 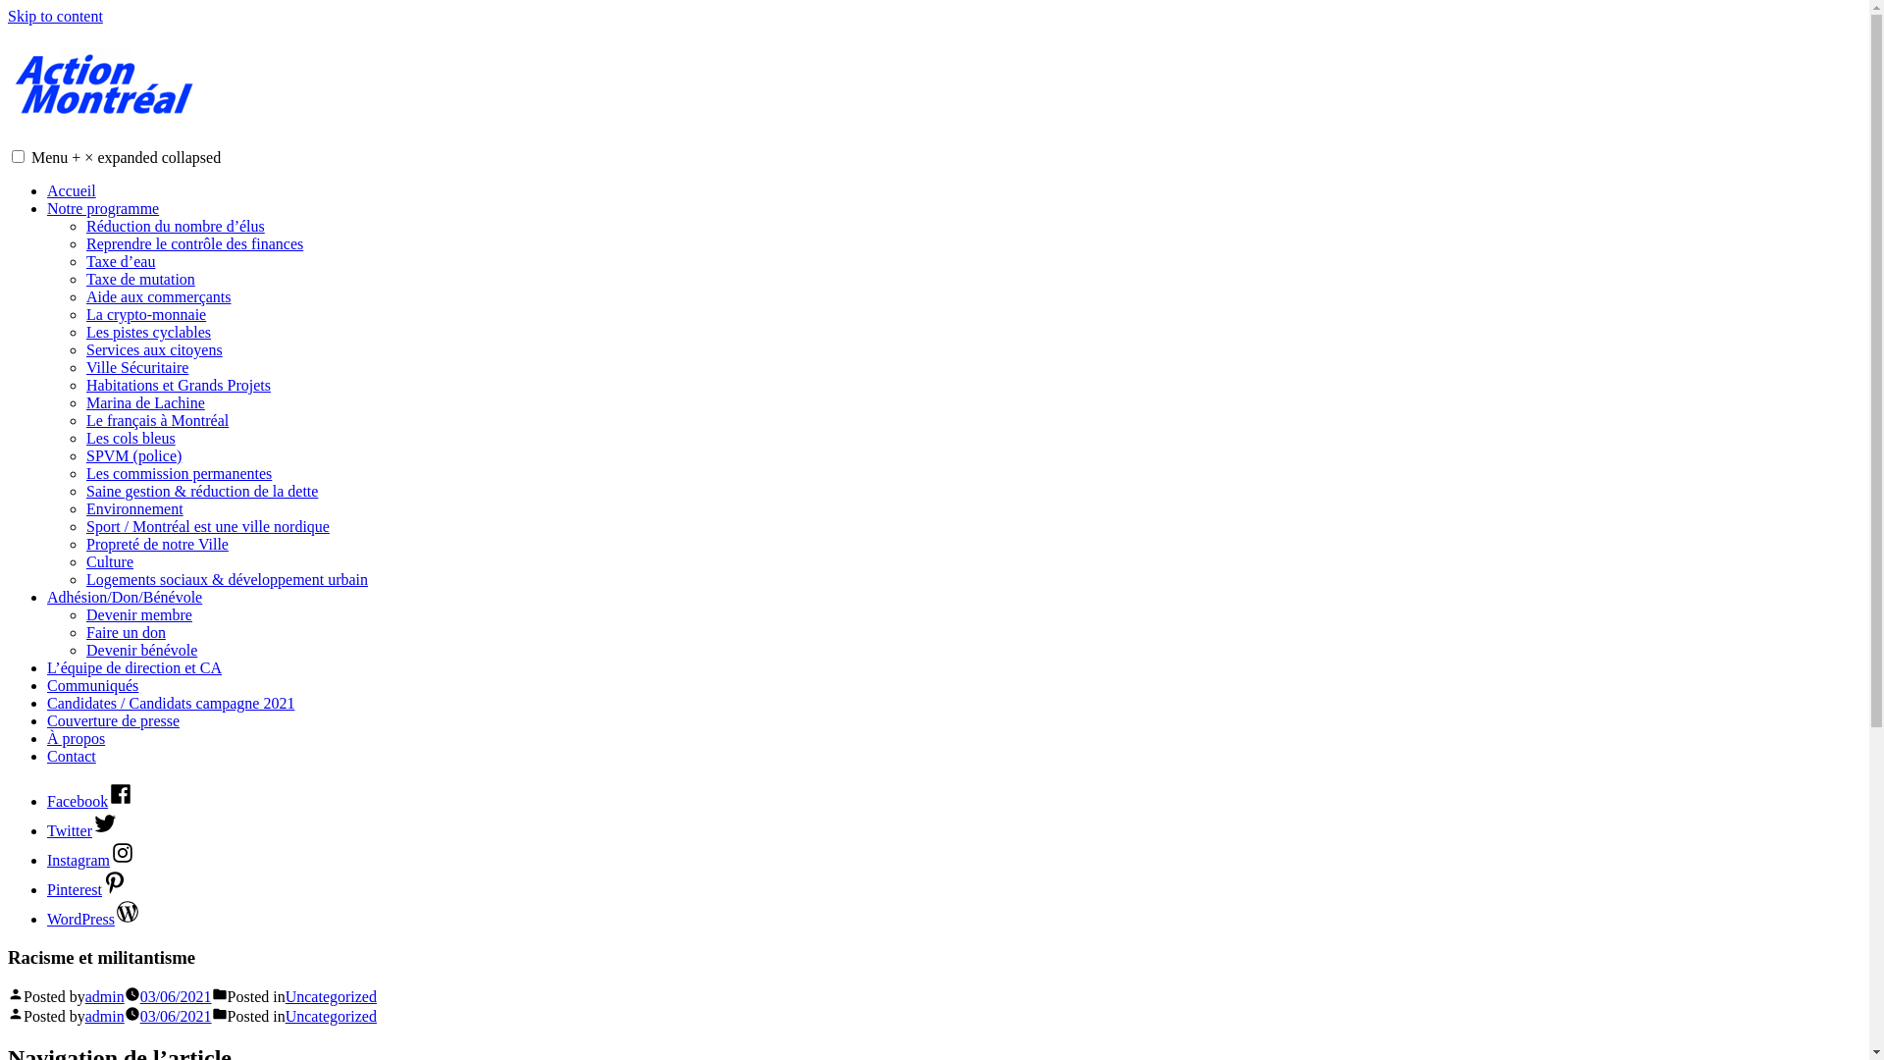 I want to click on 'WordPress', so click(x=92, y=919).